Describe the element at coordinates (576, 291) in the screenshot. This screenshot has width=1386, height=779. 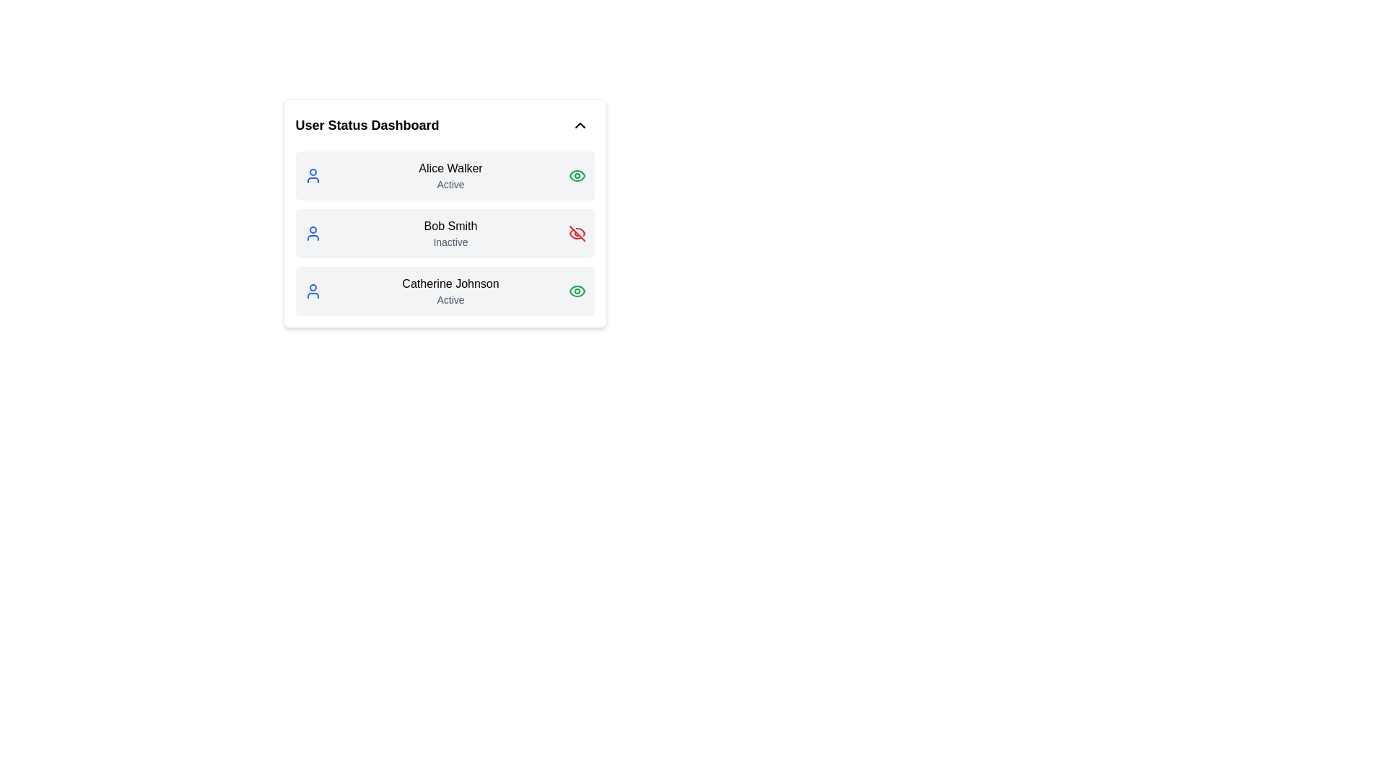
I see `the eye outline icon styled with a green stroke, located in the user dashboard module` at that location.